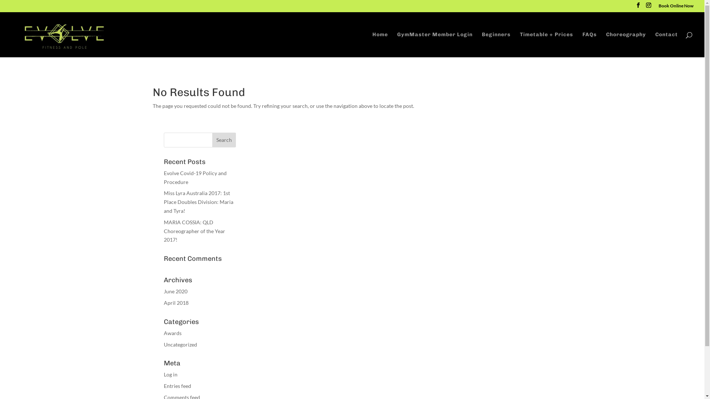 This screenshot has width=710, height=399. What do you see at coordinates (177, 385) in the screenshot?
I see `'Entries feed'` at bounding box center [177, 385].